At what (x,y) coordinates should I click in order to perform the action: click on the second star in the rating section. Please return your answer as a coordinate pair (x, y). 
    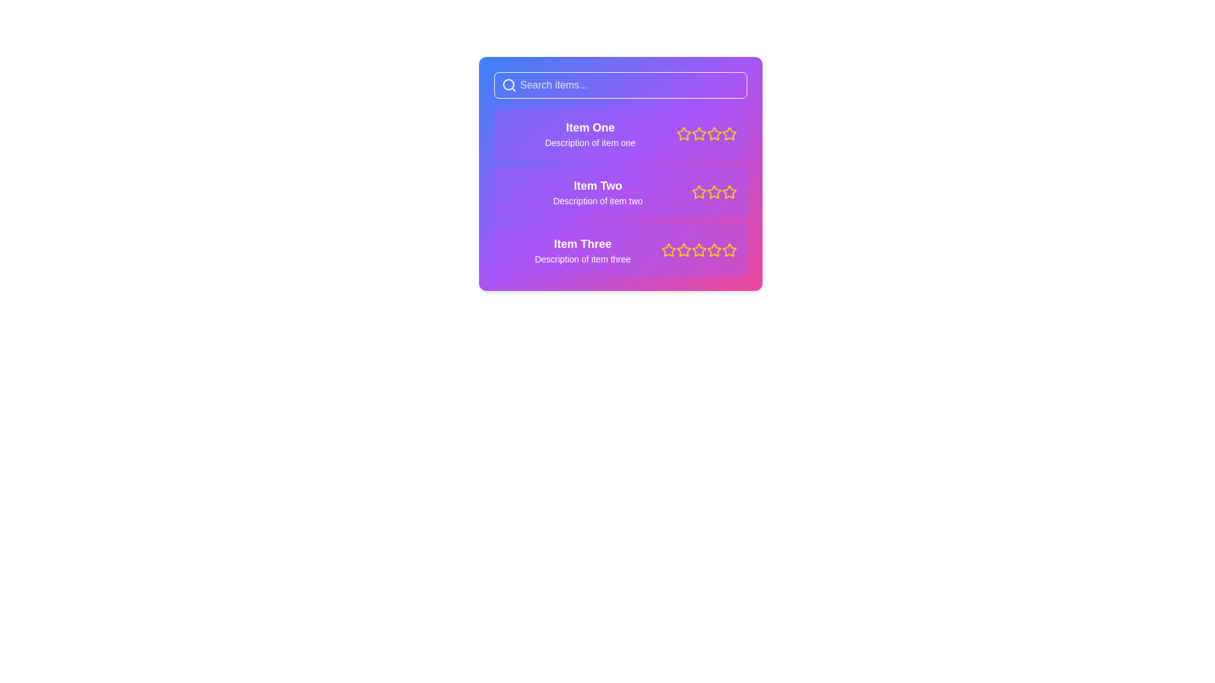
    Looking at the image, I should click on (714, 133).